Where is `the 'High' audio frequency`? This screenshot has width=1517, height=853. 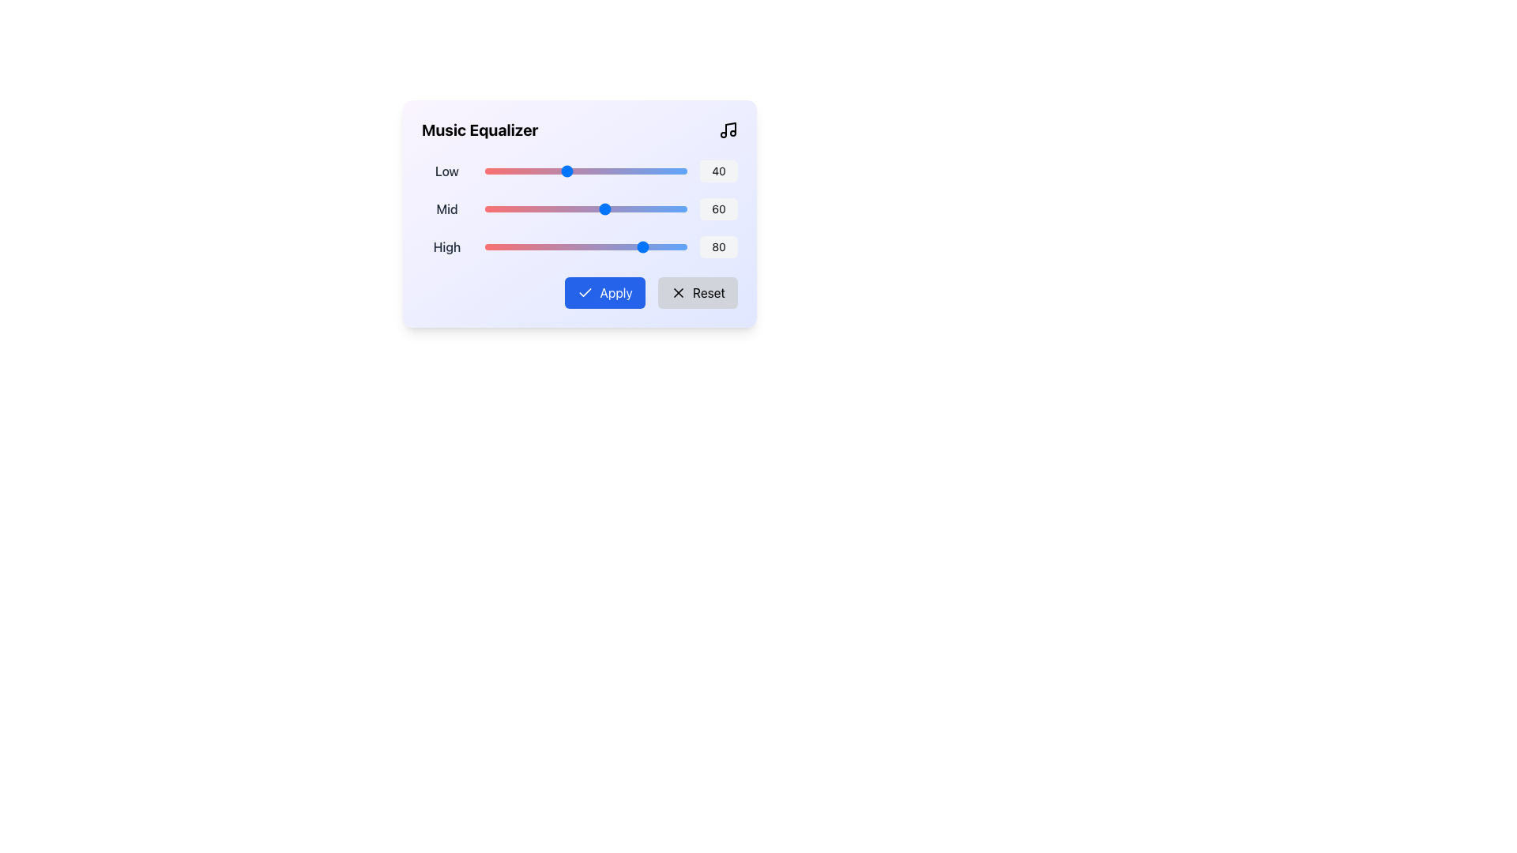
the 'High' audio frequency is located at coordinates (515, 246).